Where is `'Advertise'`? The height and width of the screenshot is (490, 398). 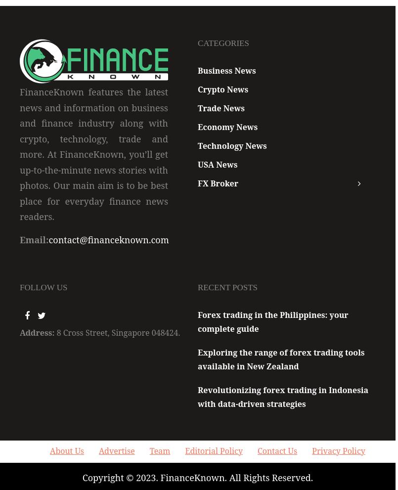
'Advertise' is located at coordinates (98, 450).